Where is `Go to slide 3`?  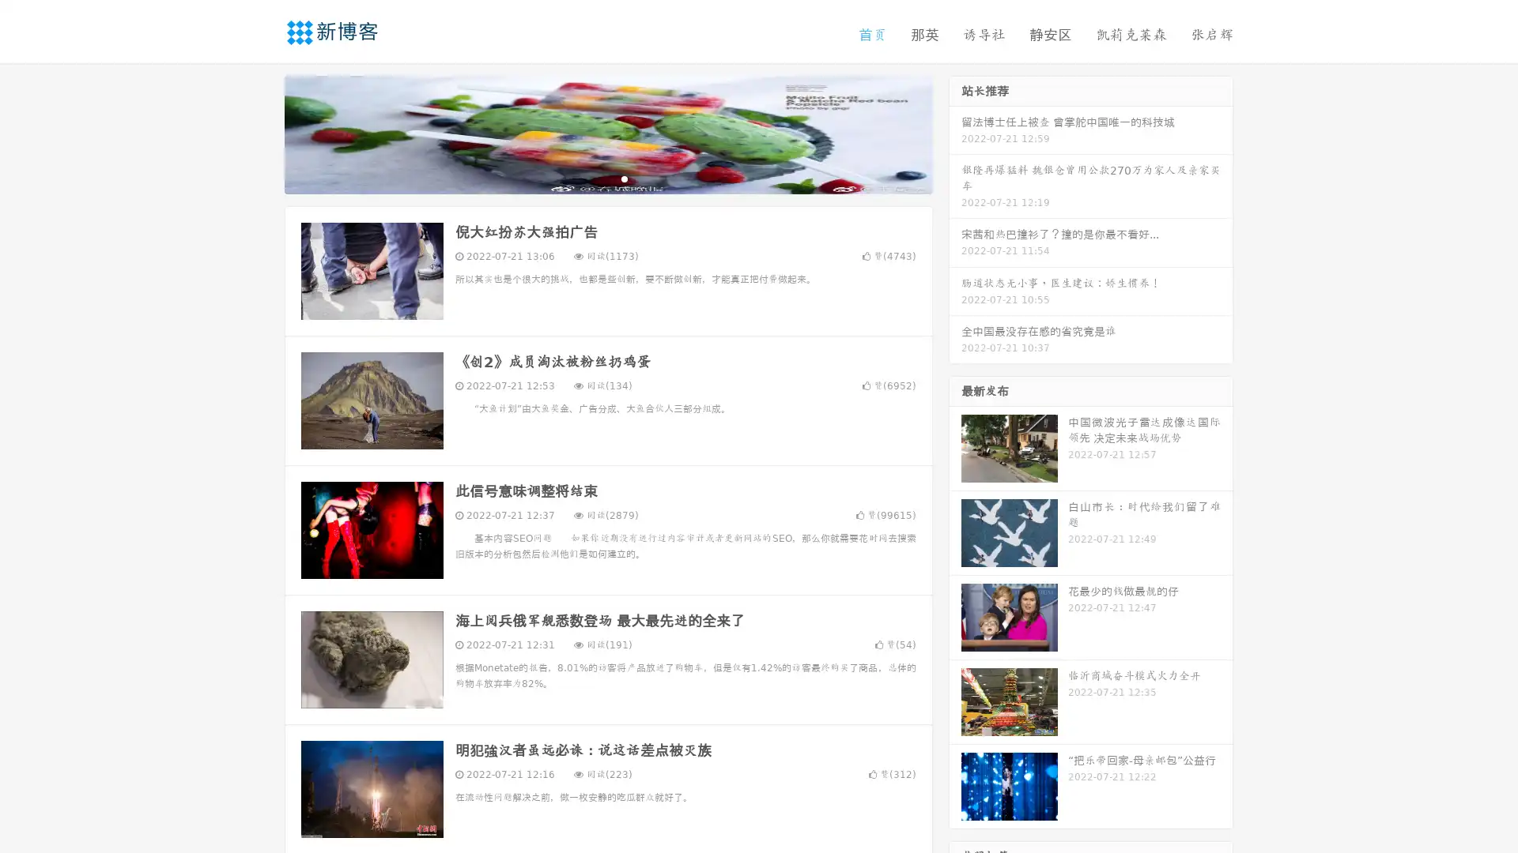 Go to slide 3 is located at coordinates (624, 178).